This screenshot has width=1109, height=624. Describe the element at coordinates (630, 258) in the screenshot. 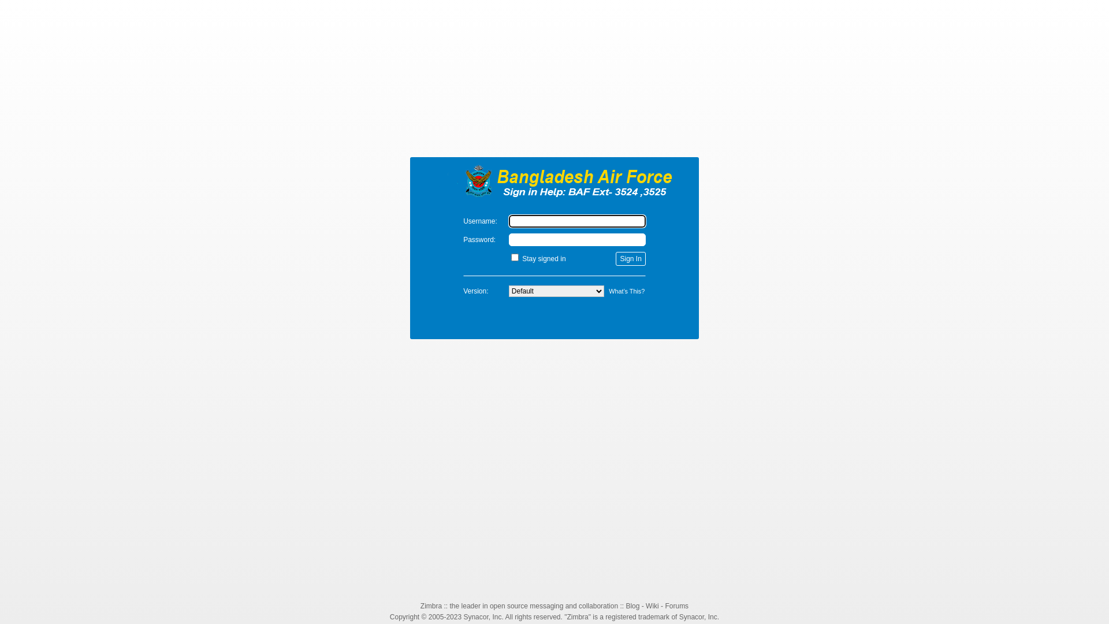

I see `'Sign In'` at that location.